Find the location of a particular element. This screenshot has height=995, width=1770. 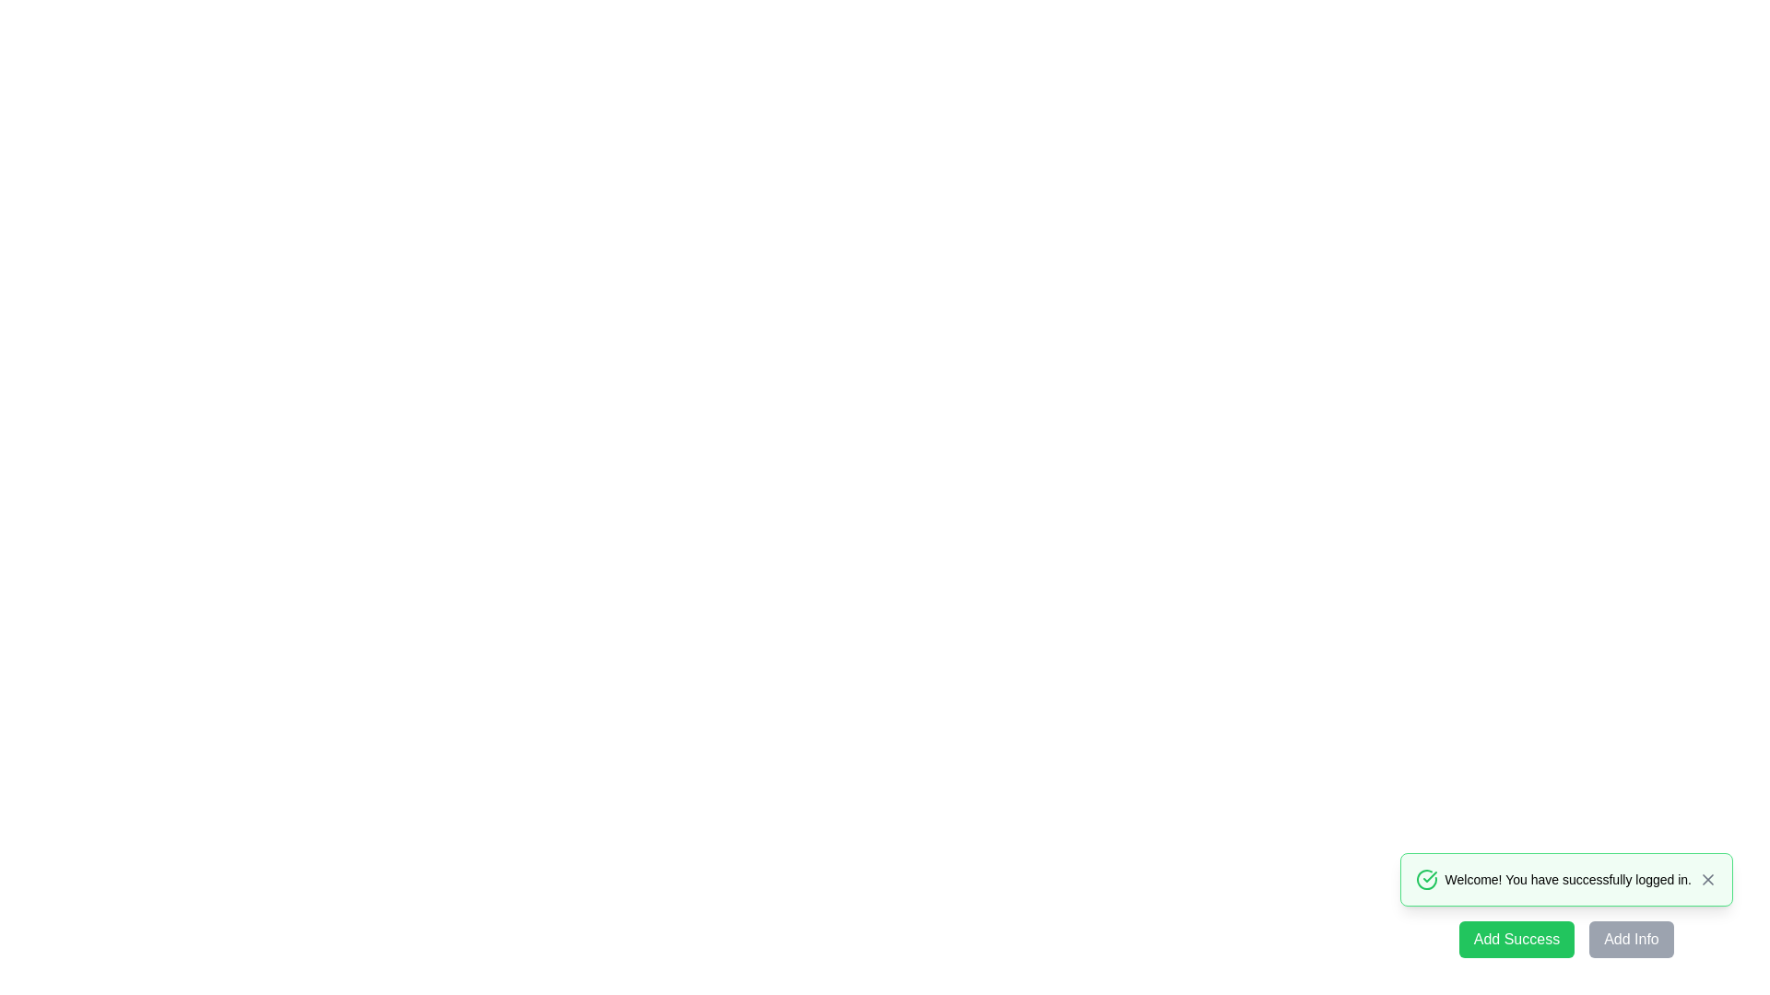

the success login icon located on the left side of the notification banner that indicates successful login is located at coordinates (1425, 879).